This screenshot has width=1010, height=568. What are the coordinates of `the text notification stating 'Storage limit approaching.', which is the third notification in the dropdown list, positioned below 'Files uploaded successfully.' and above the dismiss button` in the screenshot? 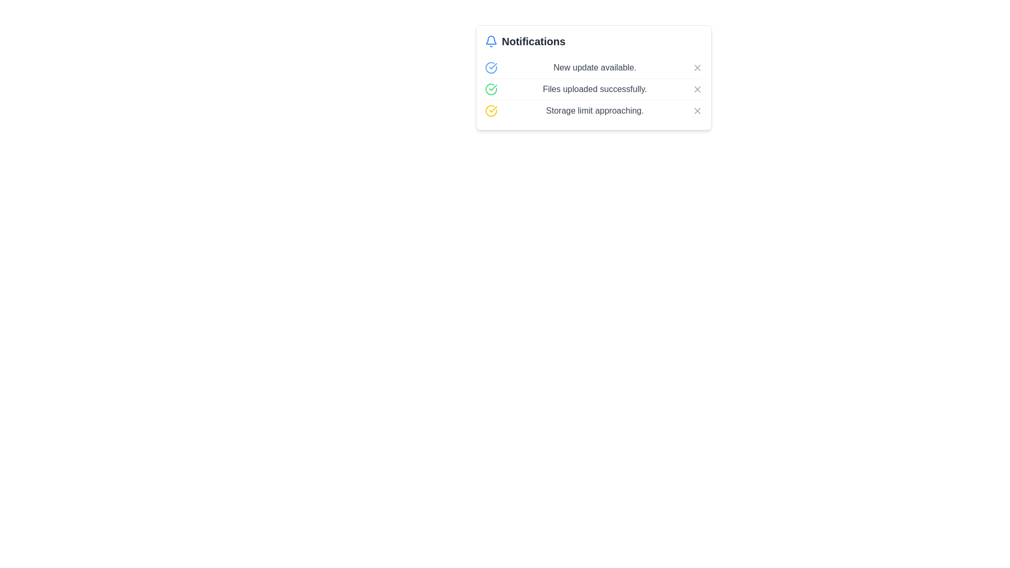 It's located at (595, 111).